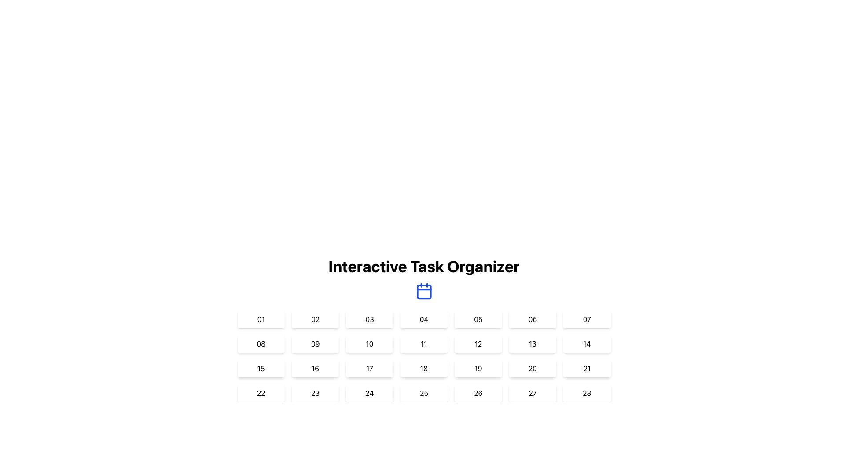 Image resolution: width=845 pixels, height=475 pixels. I want to click on the highlighted date tile for the 18th day in the calendar grid, located in the third row and fourth column of the interactive task organizer, so click(424, 368).